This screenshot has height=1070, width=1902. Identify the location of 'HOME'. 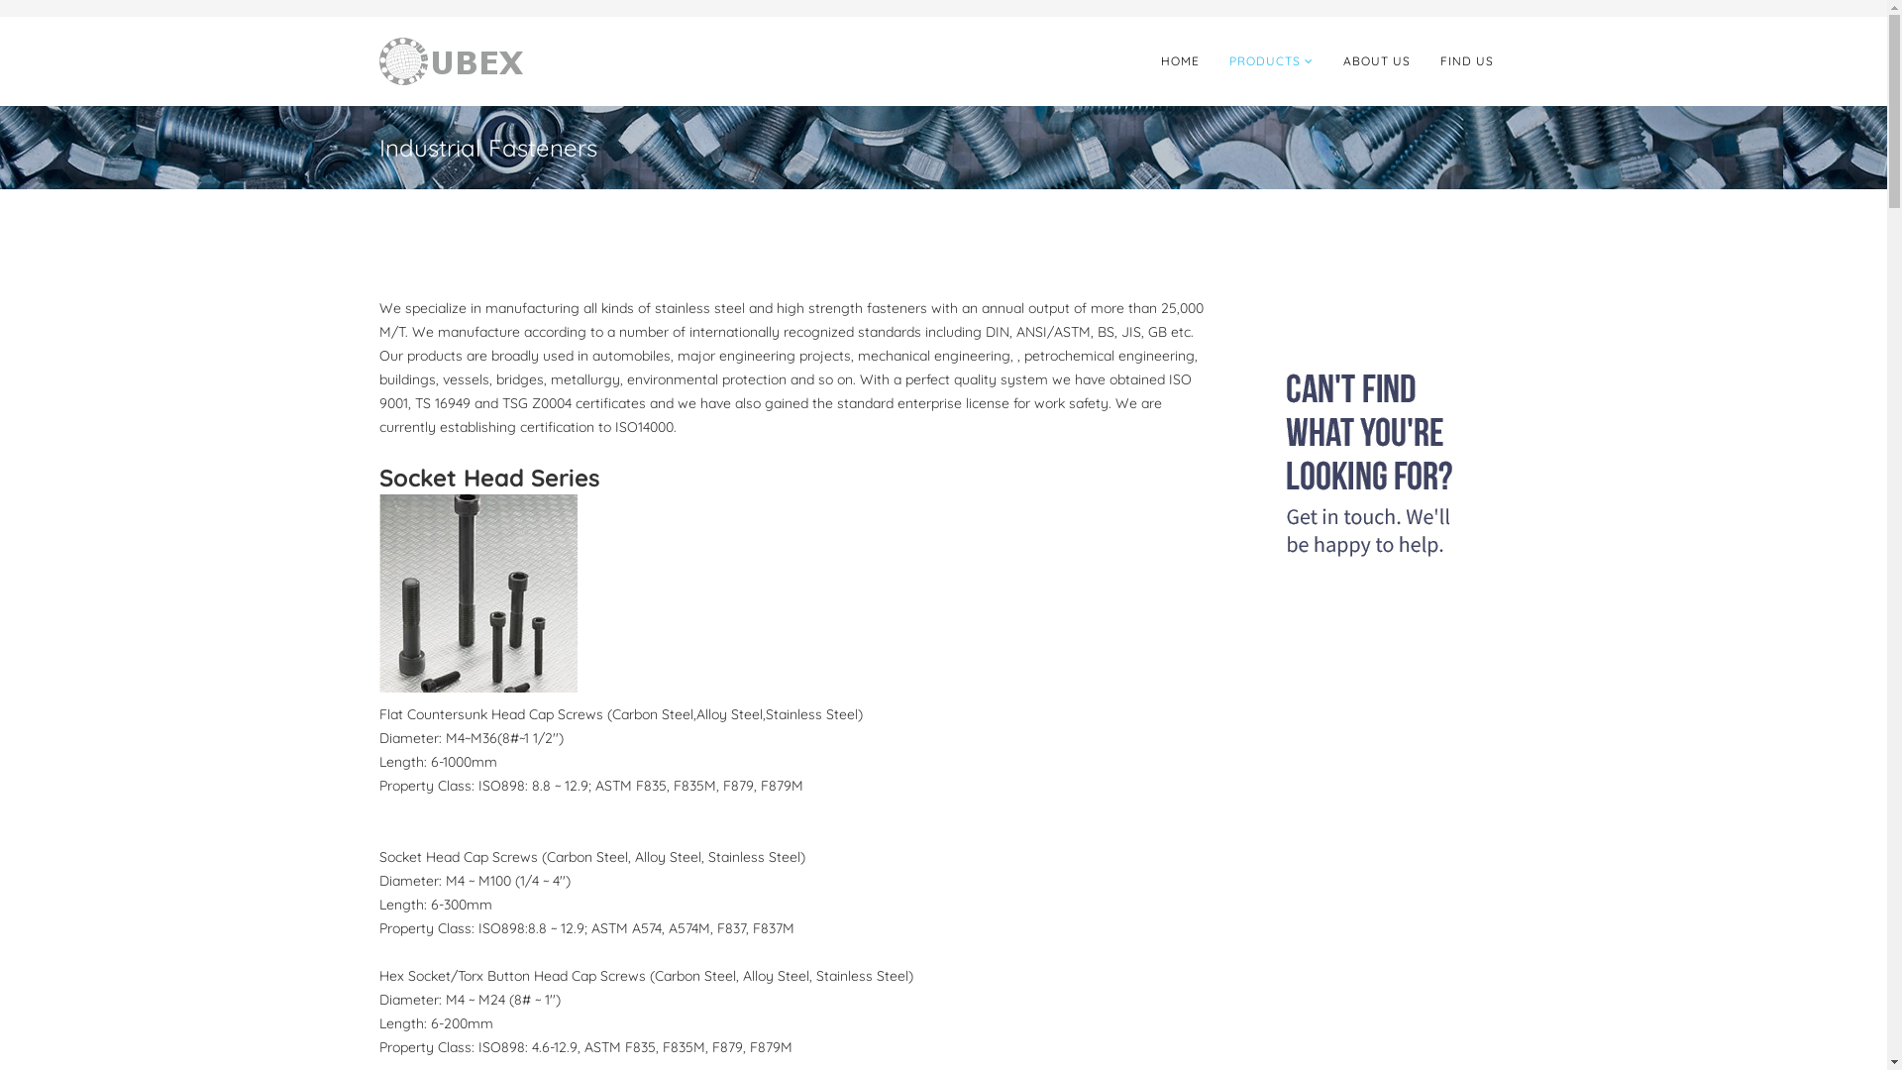
(1179, 59).